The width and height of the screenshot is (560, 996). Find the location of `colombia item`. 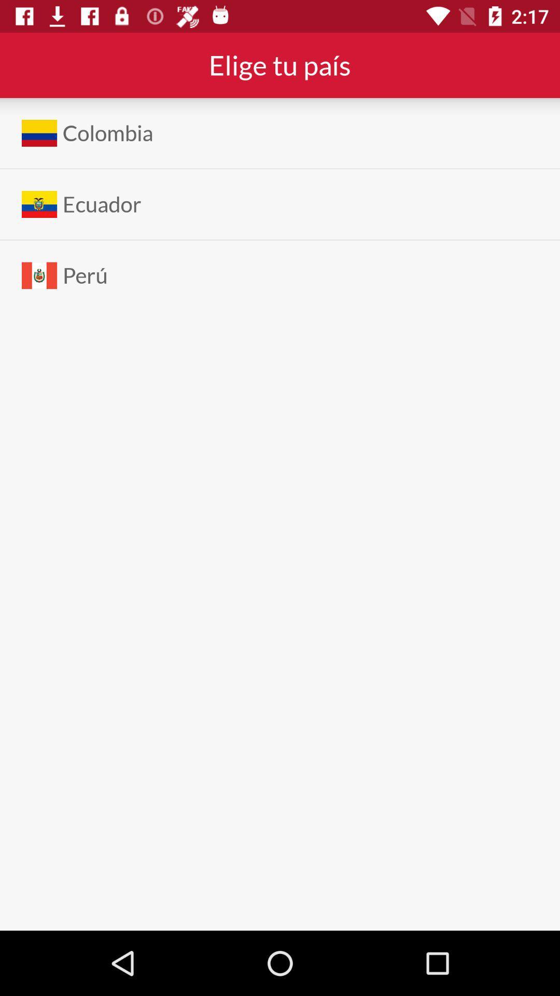

colombia item is located at coordinates (108, 132).